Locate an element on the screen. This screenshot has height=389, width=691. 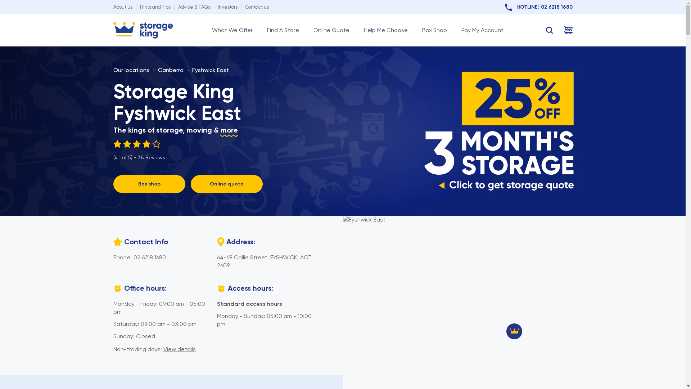
'Box Shop' is located at coordinates (434, 30).